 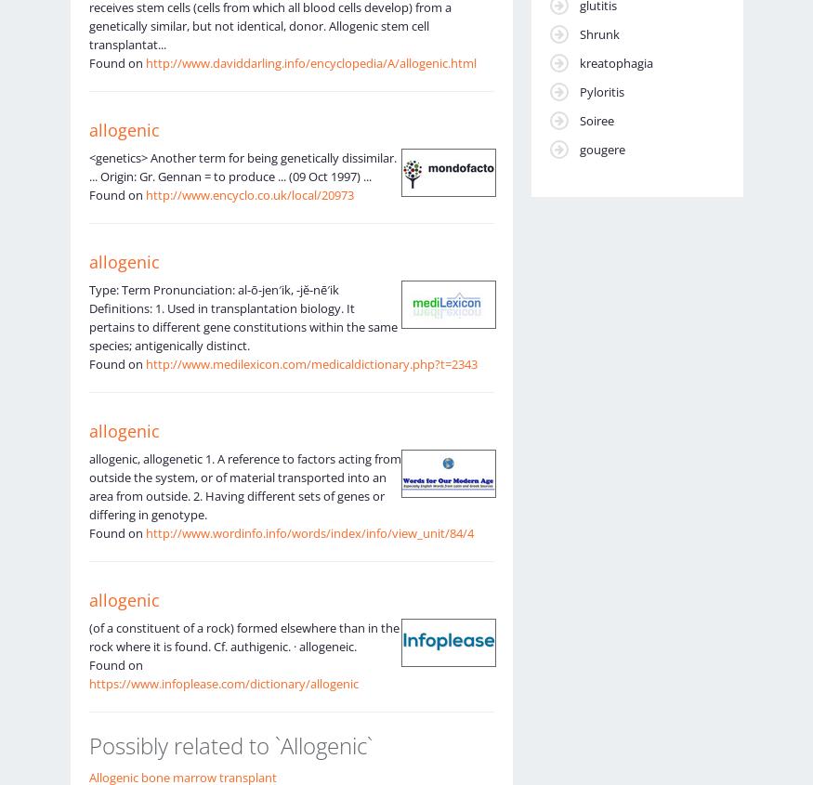 I want to click on 'gougere', so click(x=600, y=148).